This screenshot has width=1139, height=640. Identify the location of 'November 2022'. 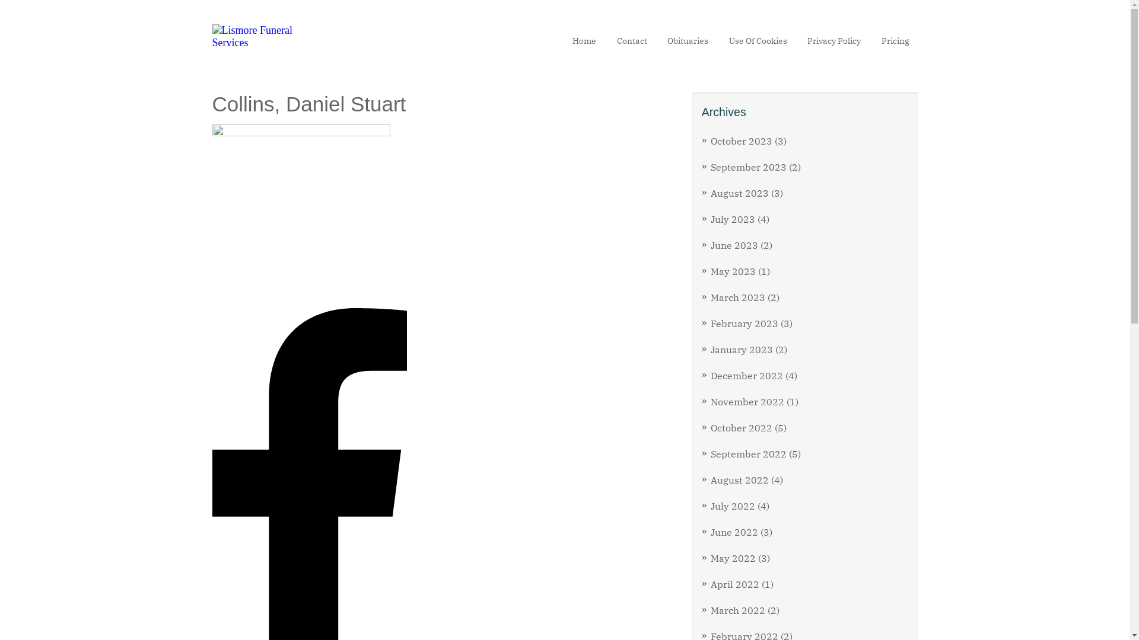
(711, 401).